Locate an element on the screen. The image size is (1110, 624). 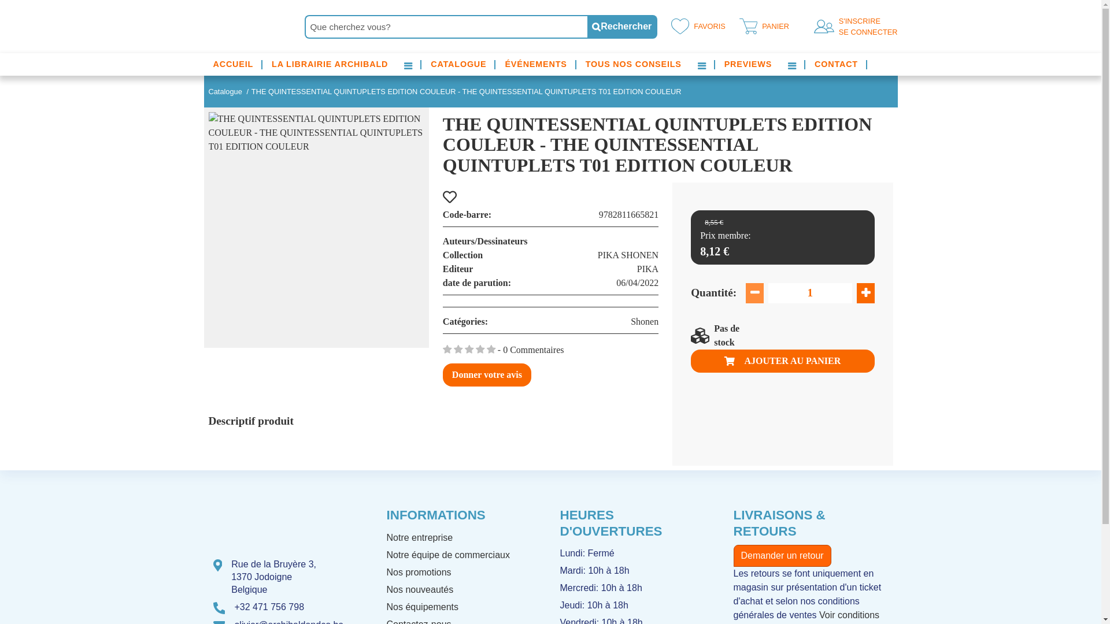
'S'INSCRIRE is located at coordinates (865, 26).